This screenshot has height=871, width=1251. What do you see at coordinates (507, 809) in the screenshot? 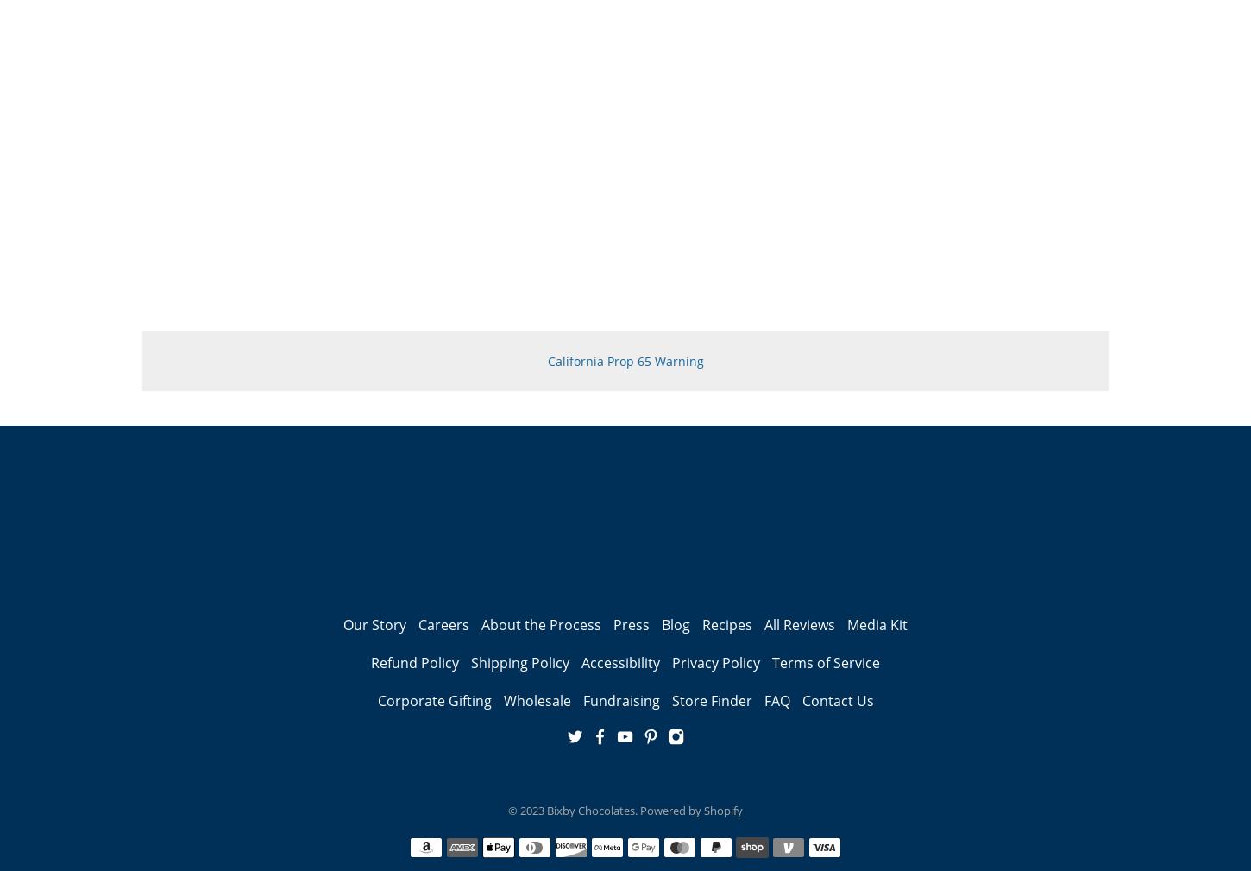
I see `'© 2023'` at bounding box center [507, 809].